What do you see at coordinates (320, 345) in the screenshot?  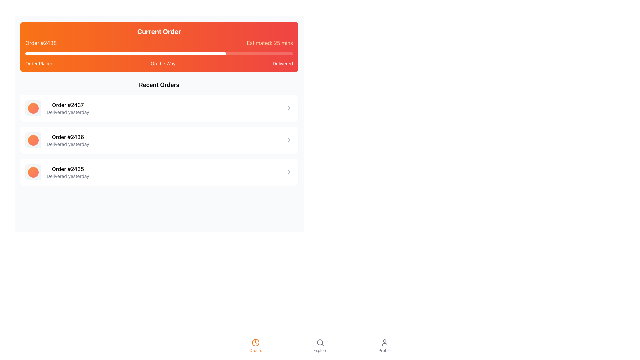 I see `the interactive 'Explore' button located in the middle section of the footer navigation bar, situated between the 'Orders' and 'Profile' options` at bounding box center [320, 345].